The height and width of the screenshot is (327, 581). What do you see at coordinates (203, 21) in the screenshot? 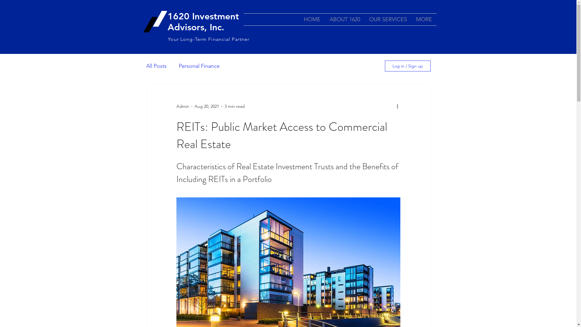
I see `'1620 Investment Advisors, Inc. '` at bounding box center [203, 21].